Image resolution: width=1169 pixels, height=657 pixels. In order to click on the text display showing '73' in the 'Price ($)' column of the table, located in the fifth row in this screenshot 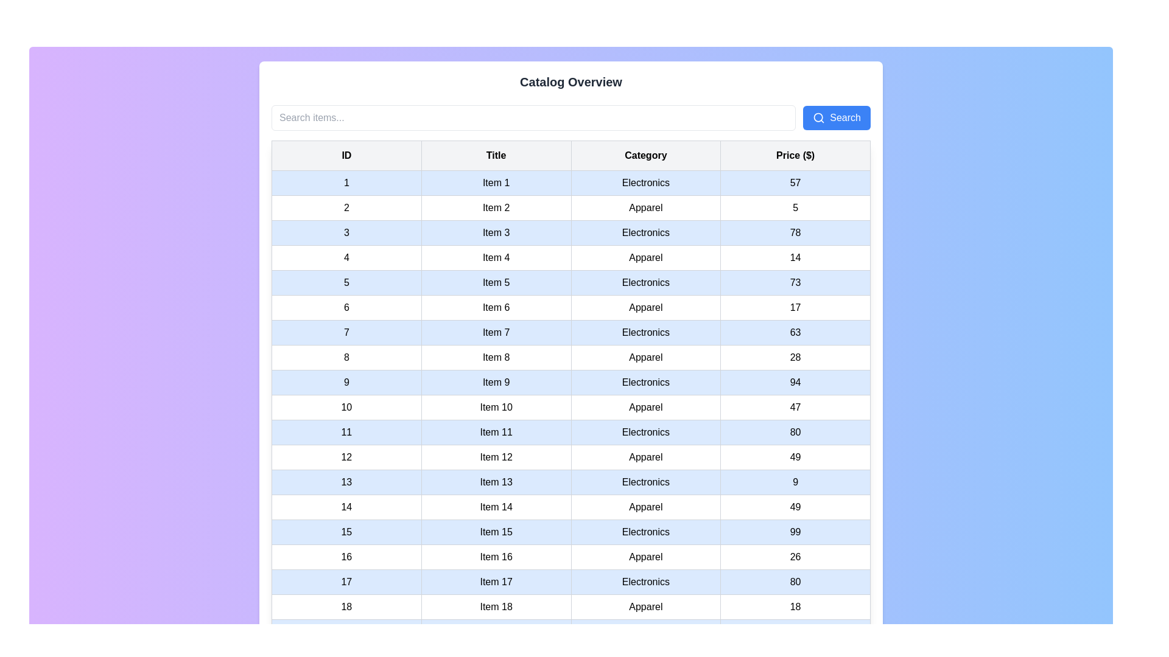, I will do `click(795, 283)`.